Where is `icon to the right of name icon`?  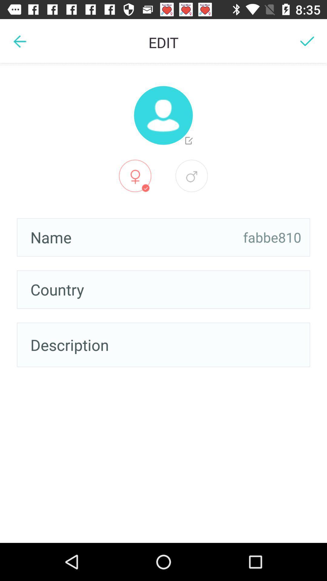 icon to the right of name icon is located at coordinates (272, 237).